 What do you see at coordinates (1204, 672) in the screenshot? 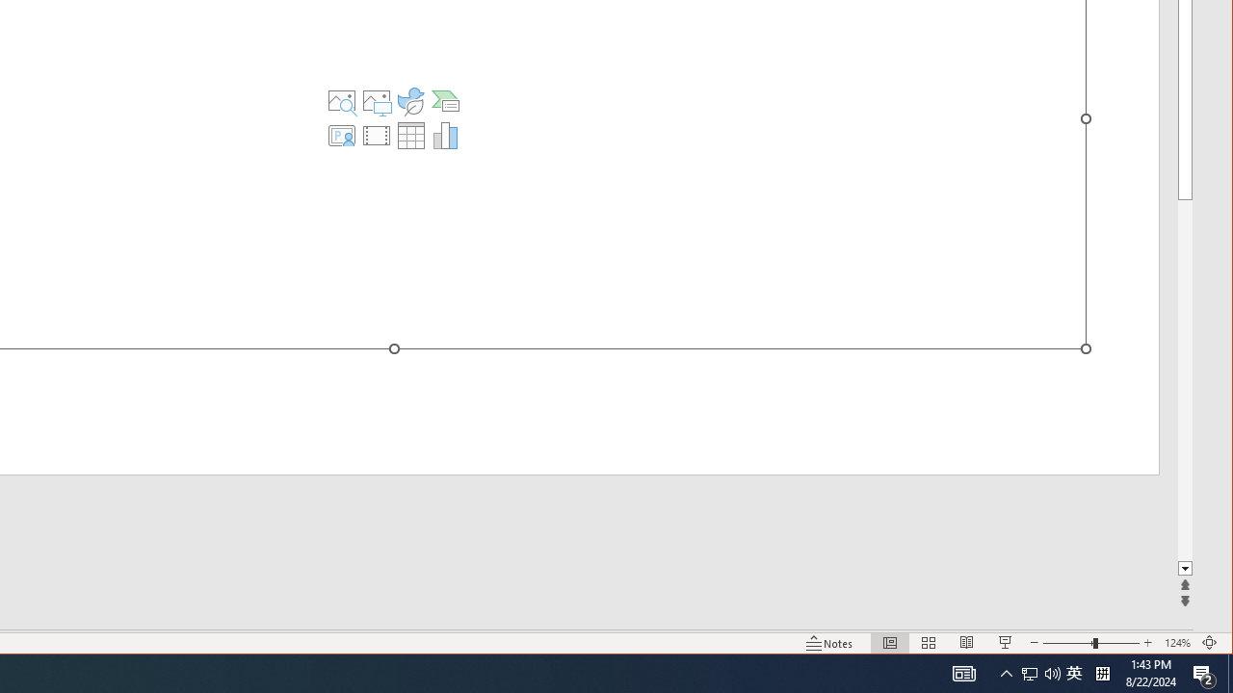
I see `'Action Center, 2 new notifications'` at bounding box center [1204, 672].